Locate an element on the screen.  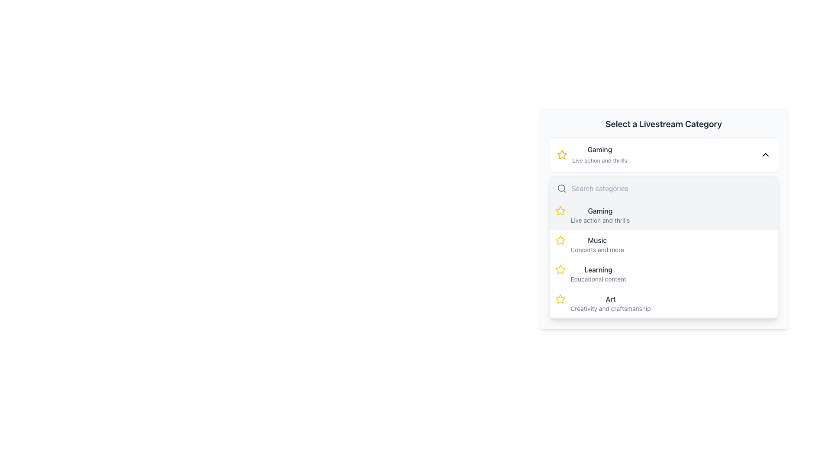
the first selectable option in the dropdown menu labeled 'Gaming' to navigate is located at coordinates (591, 154).